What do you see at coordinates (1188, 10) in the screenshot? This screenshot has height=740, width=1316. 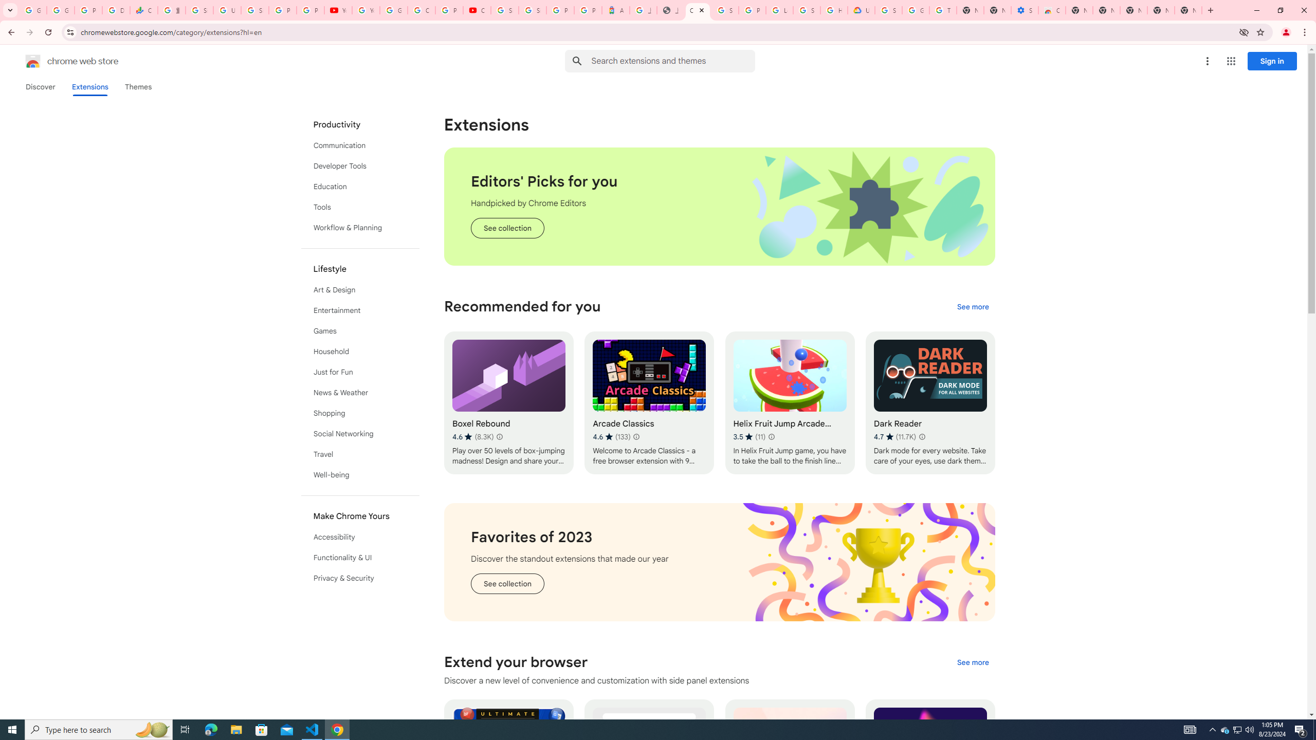 I see `'New Tab'` at bounding box center [1188, 10].